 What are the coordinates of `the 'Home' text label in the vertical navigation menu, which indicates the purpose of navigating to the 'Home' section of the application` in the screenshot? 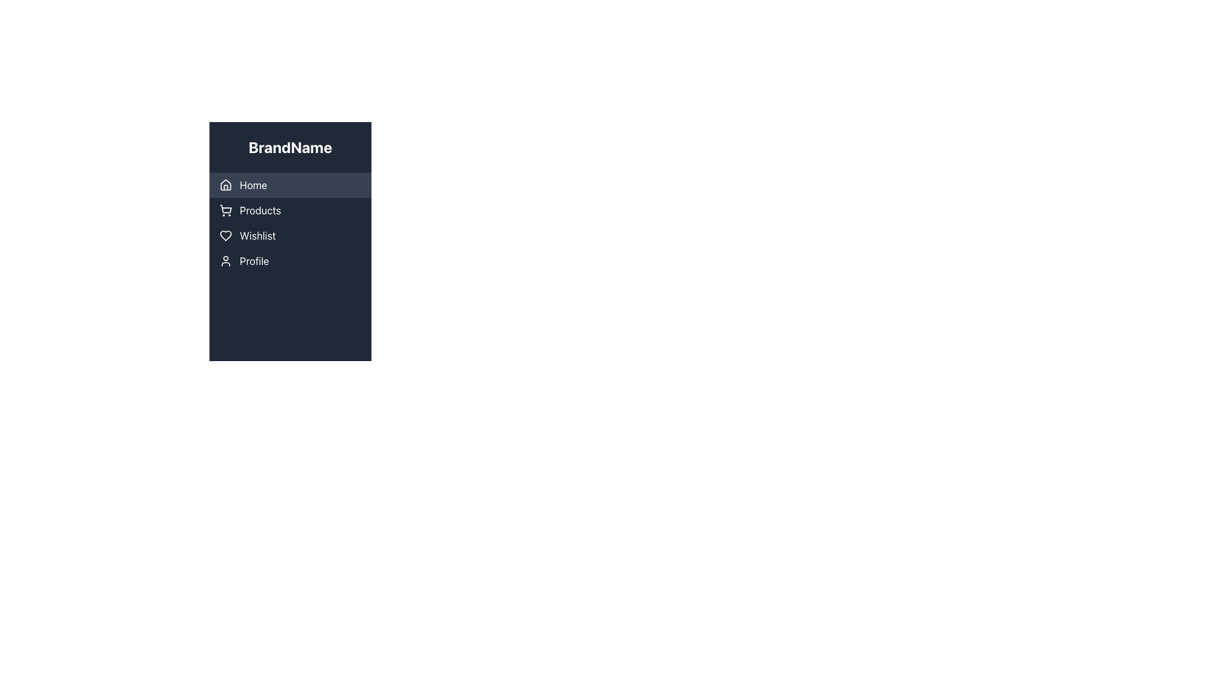 It's located at (253, 185).